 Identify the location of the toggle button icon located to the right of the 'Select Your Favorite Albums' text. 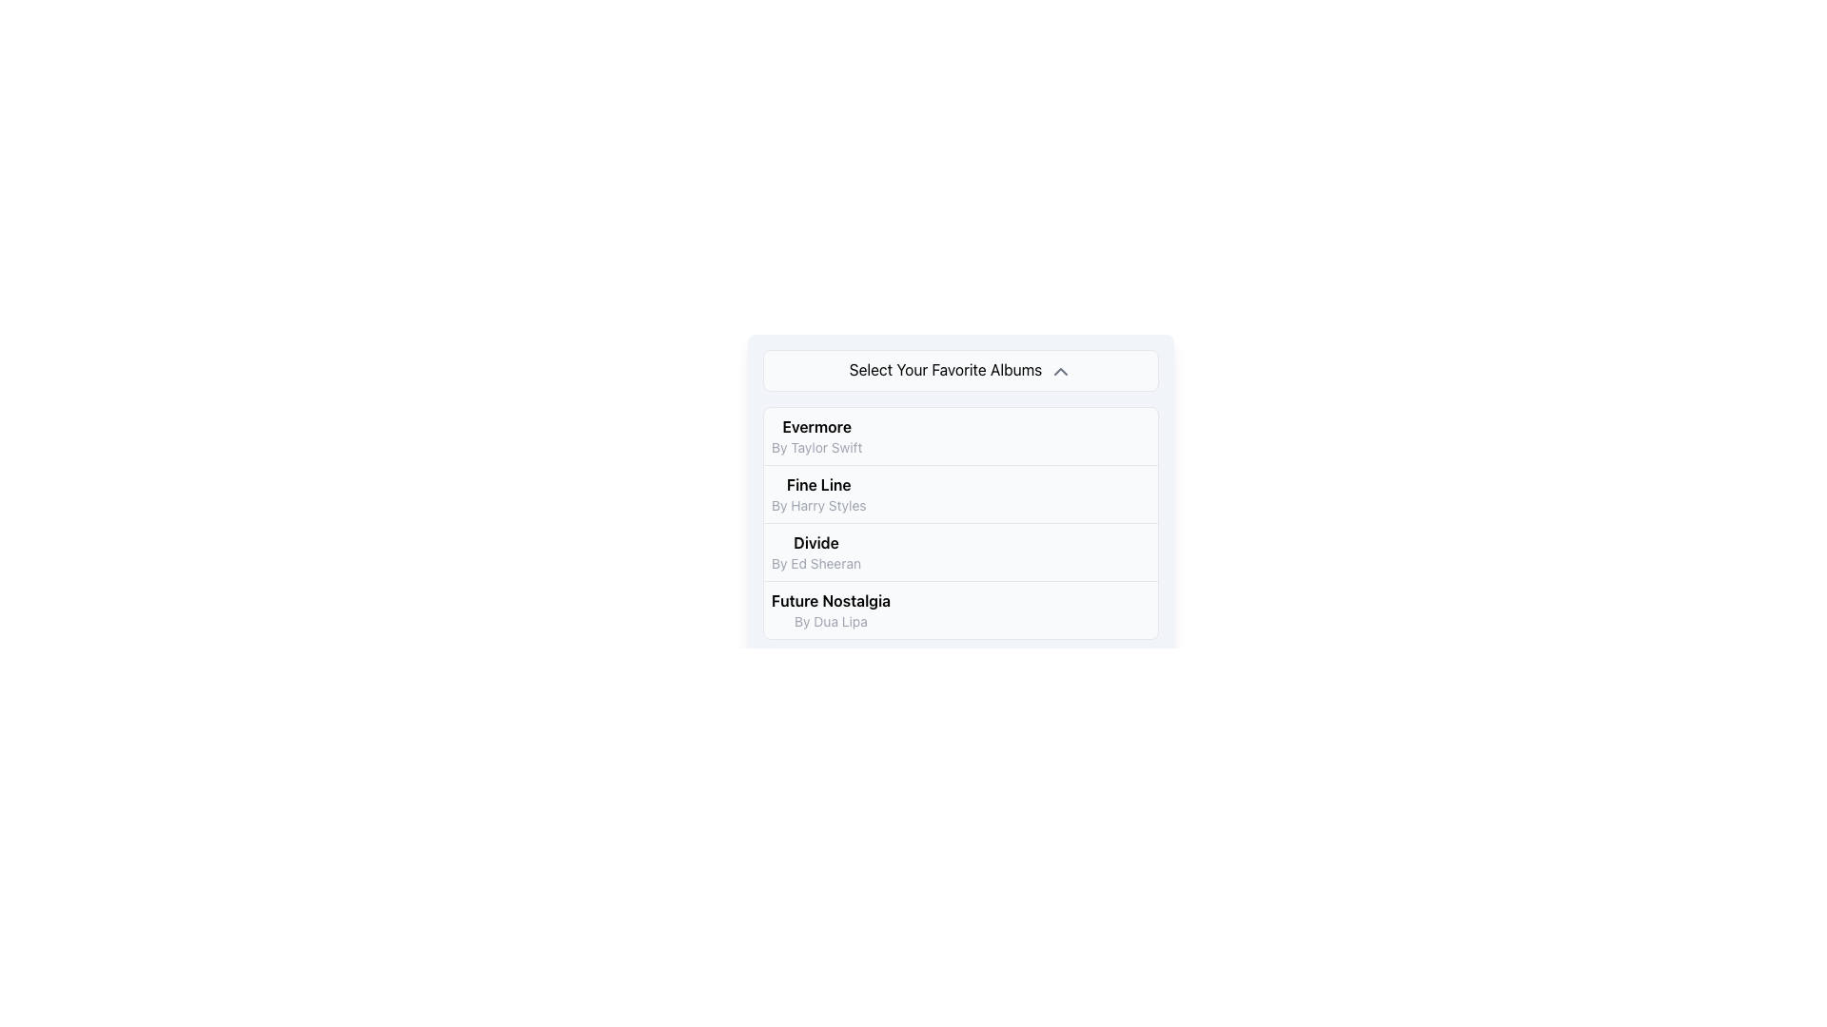
(1060, 371).